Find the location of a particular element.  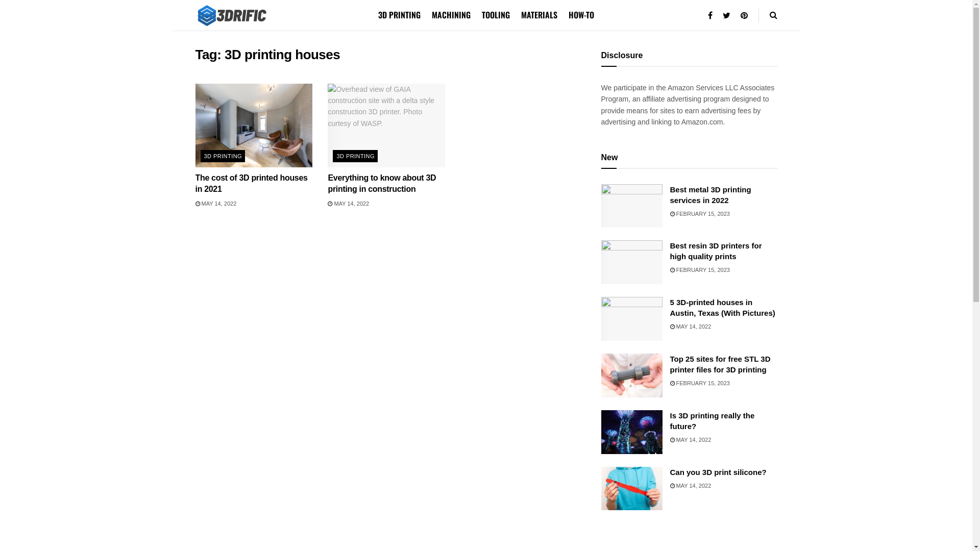

'FEBRUARY 15, 2023' is located at coordinates (699, 383).